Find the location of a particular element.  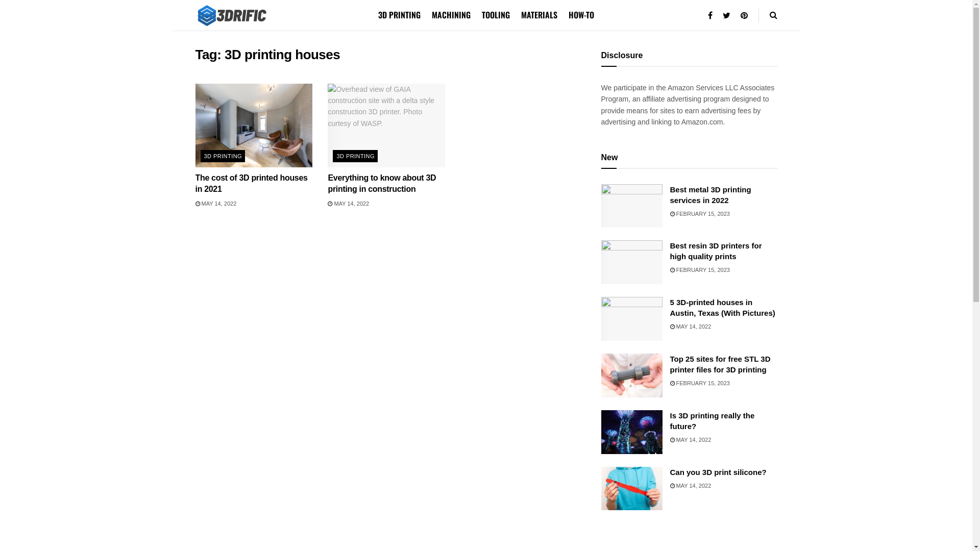

'FEBRUARY 15, 2023' is located at coordinates (699, 383).